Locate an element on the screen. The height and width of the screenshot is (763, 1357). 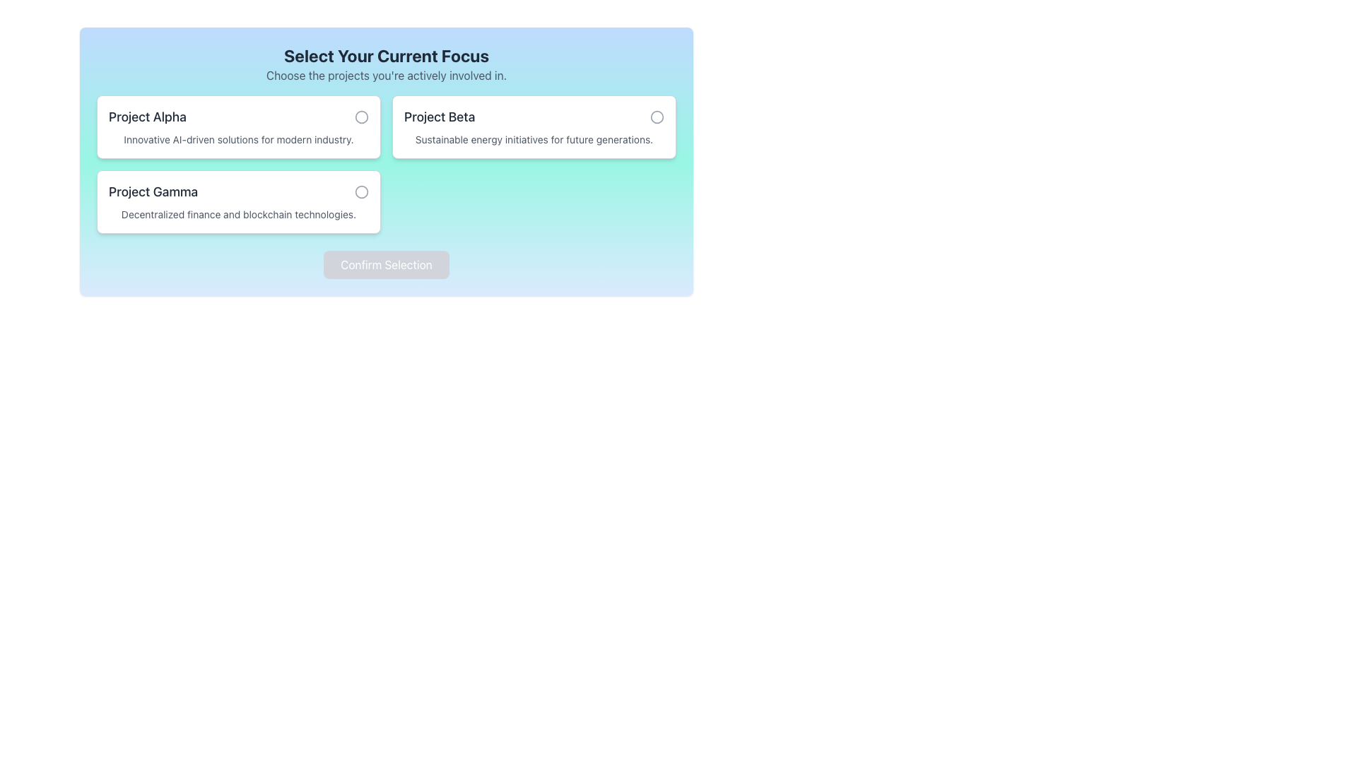
the 'Project Beta' text label, which is a bold black font located in the middle of a horizontally aligned list of options is located at coordinates (439, 116).